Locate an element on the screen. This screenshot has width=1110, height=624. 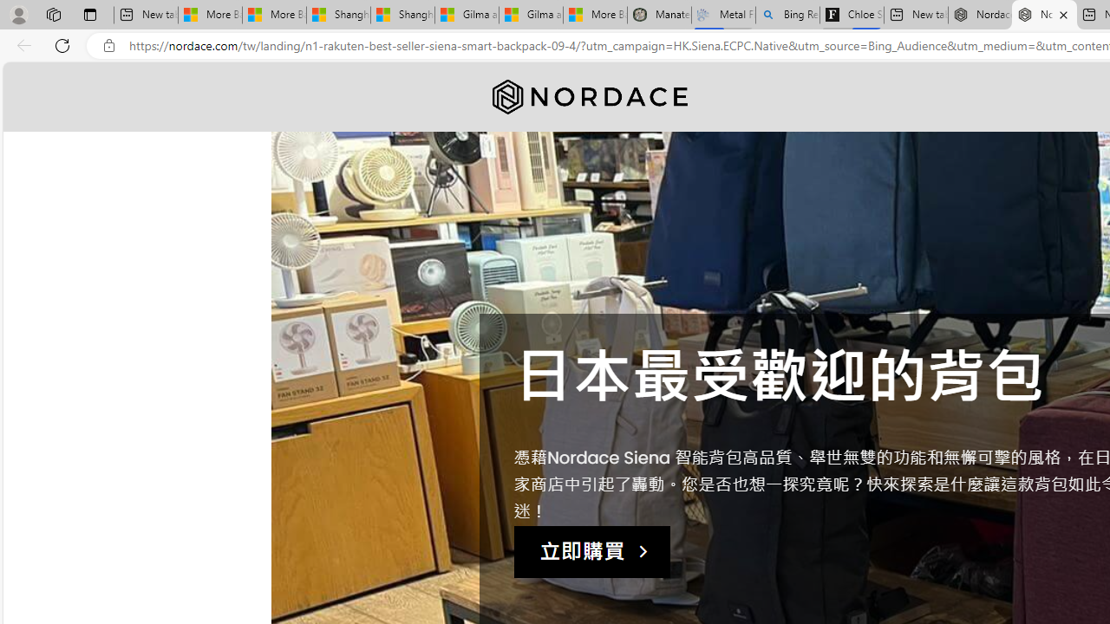
'View site information' is located at coordinates (108, 45).